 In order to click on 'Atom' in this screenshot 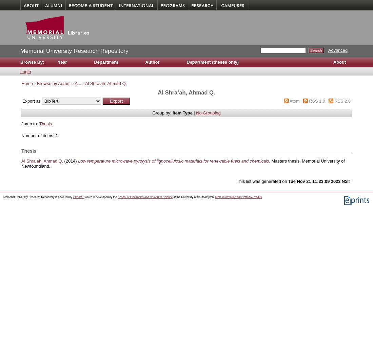, I will do `click(294, 101)`.